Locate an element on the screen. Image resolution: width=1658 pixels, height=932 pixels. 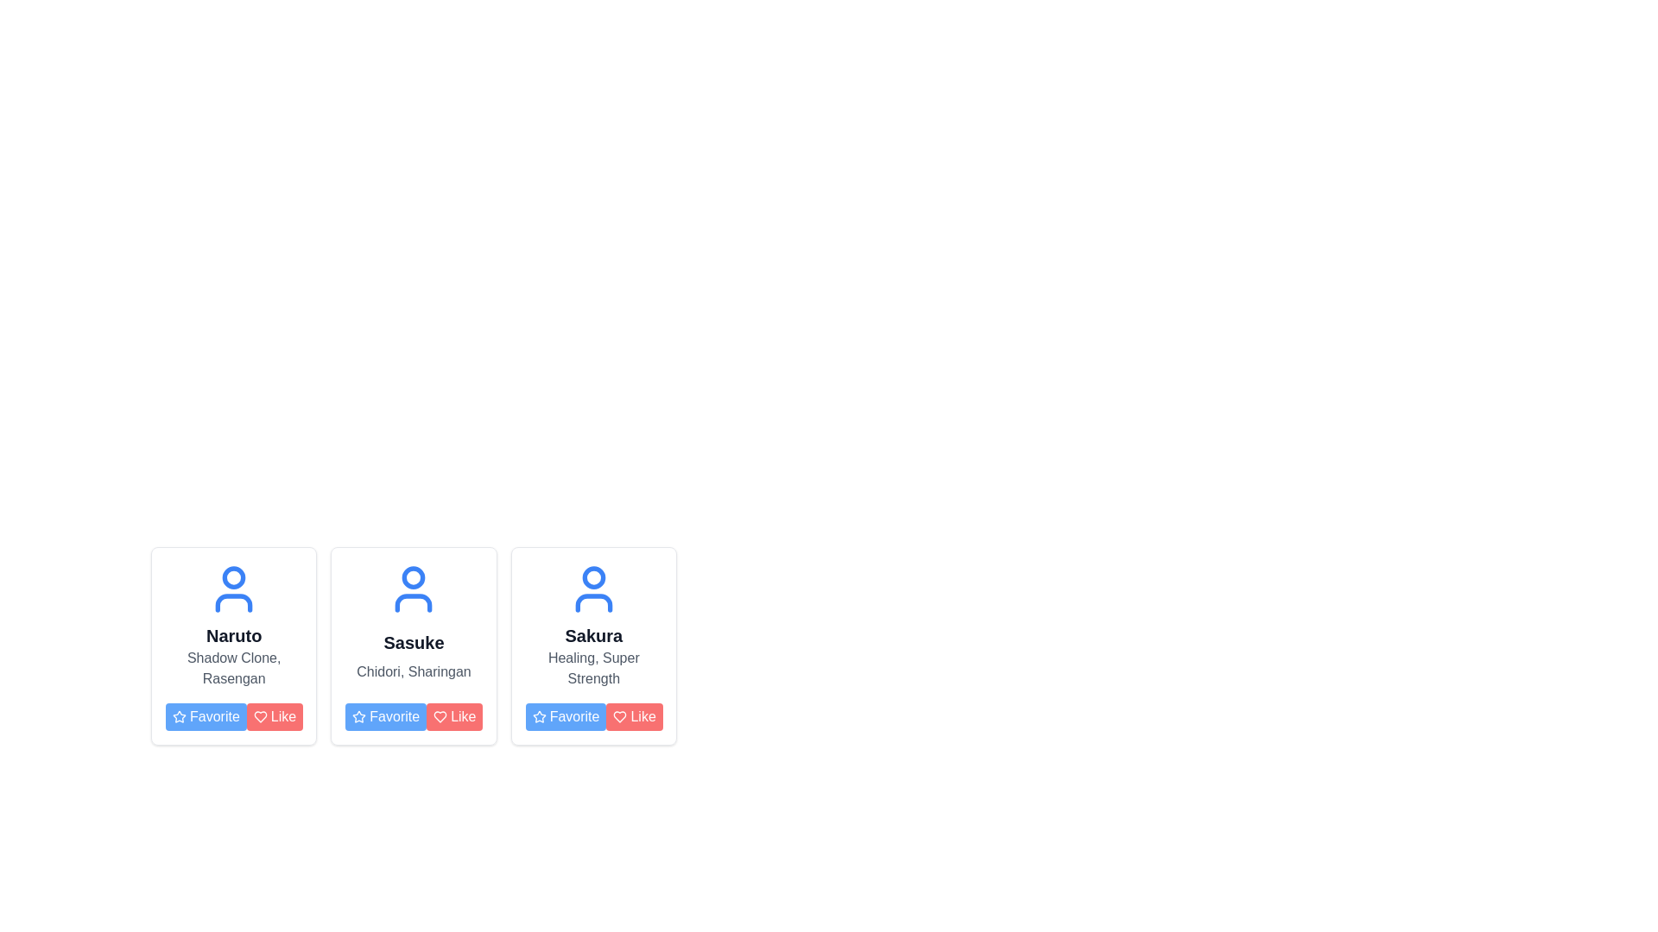
the SVG user profile icon at the top center of the 'Sasuke' card, positioned between the 'Naruto' and 'Sakura' cards is located at coordinates (413, 588).